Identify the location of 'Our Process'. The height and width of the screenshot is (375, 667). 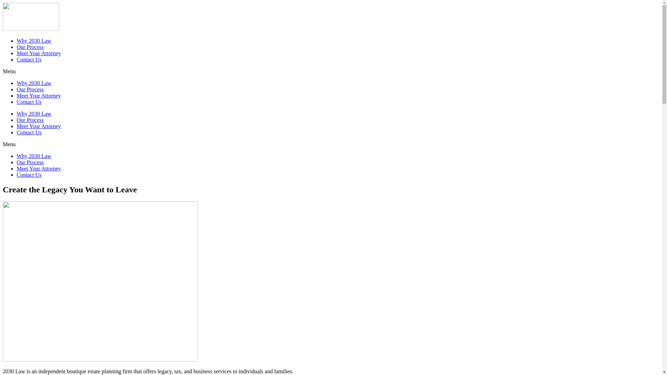
(30, 162).